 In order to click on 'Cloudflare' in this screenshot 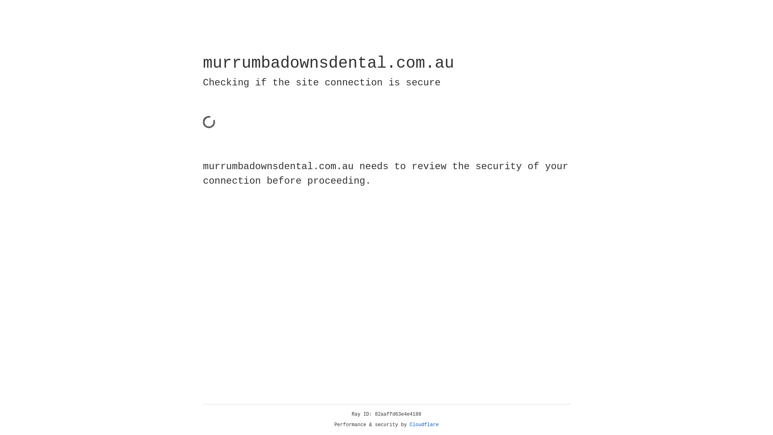, I will do `click(424, 425)`.